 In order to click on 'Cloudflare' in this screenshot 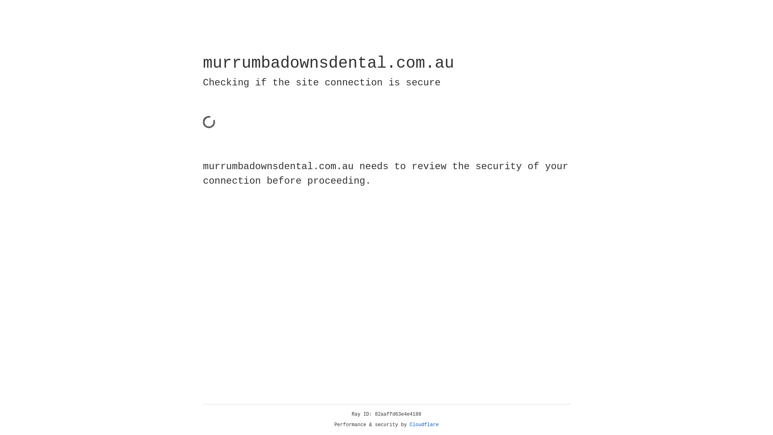, I will do `click(424, 425)`.